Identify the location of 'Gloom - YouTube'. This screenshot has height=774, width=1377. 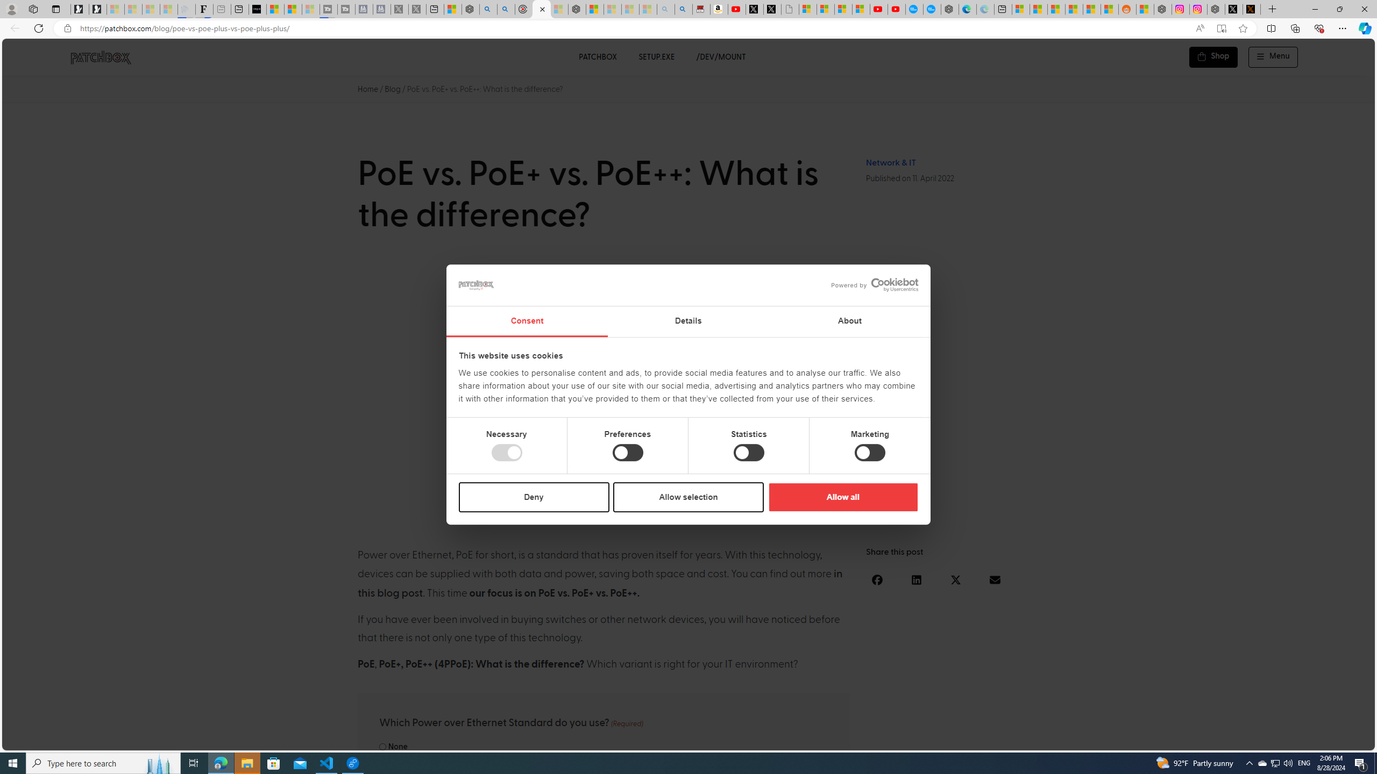
(879, 9).